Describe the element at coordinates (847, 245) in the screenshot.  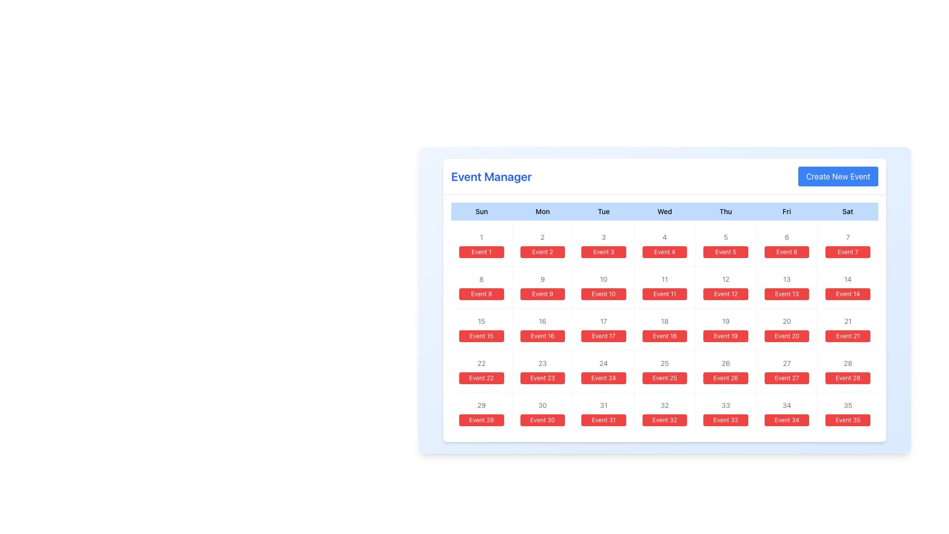
I see `the static grid item representing the calendar event for the 7th day, which is located in the Saturday column of the calendar grid` at that location.